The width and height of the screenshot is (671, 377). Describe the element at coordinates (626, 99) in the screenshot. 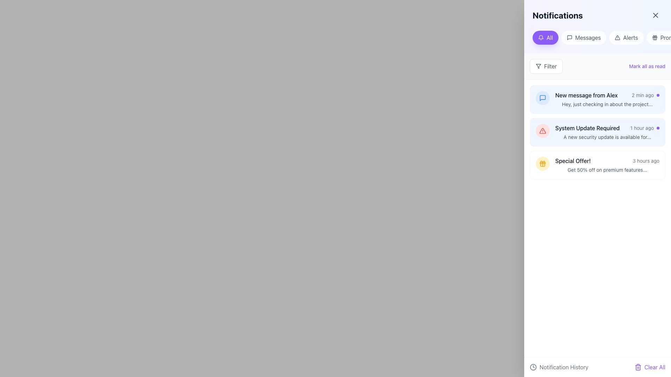

I see `the action button icon for managing or archiving the notification titled 'New message from Alex', which is located on the right side of the first notification in the list` at that location.